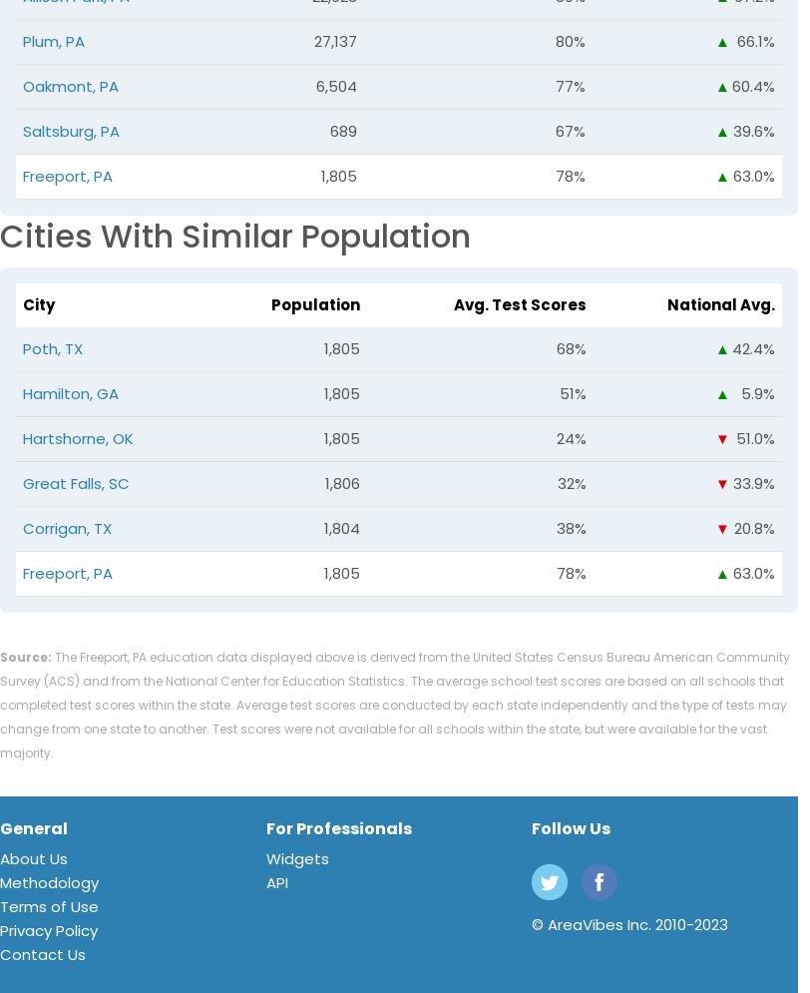 This screenshot has height=993, width=810. I want to click on '1,806', so click(342, 483).